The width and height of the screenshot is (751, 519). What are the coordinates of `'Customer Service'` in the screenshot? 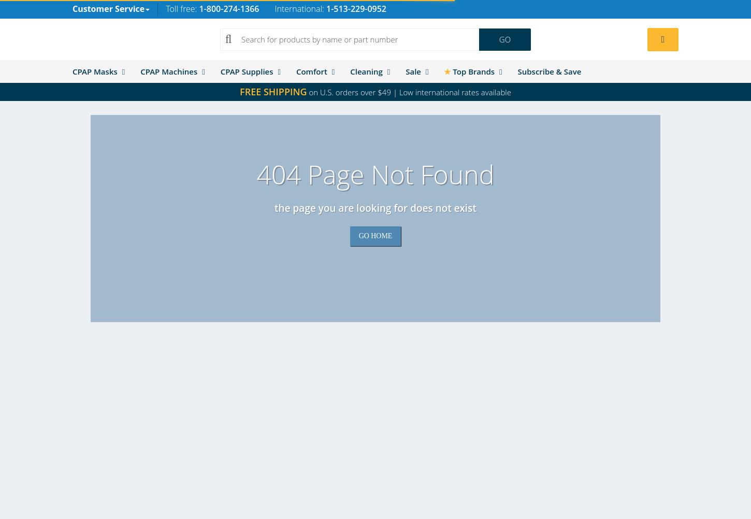 It's located at (108, 9).